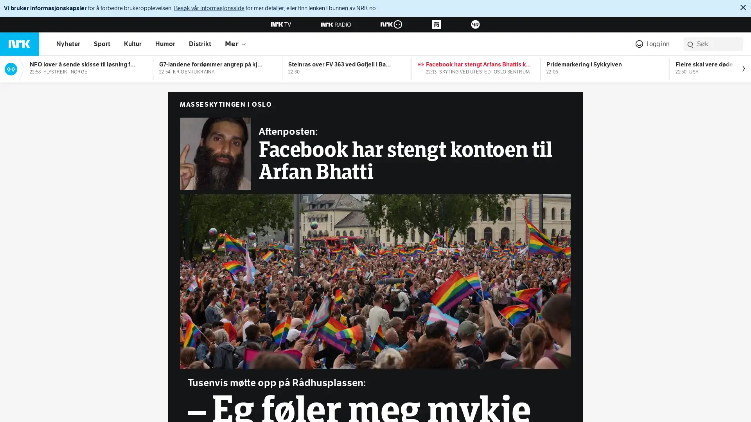  Describe the element at coordinates (88, 67) in the screenshot. I see `NFO lover a sende skisse til lsning fr midnatt PUBLISERT KLOKKEN 22:58 I FLYSTREIK I NORGE` at that location.